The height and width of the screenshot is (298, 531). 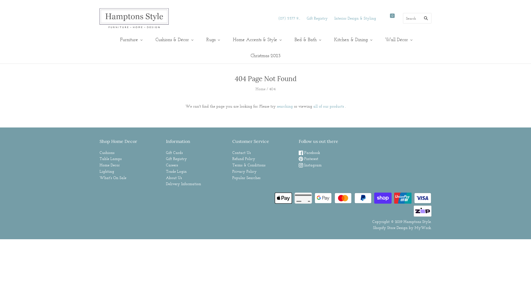 What do you see at coordinates (173, 177) in the screenshot?
I see `'About Us'` at bounding box center [173, 177].